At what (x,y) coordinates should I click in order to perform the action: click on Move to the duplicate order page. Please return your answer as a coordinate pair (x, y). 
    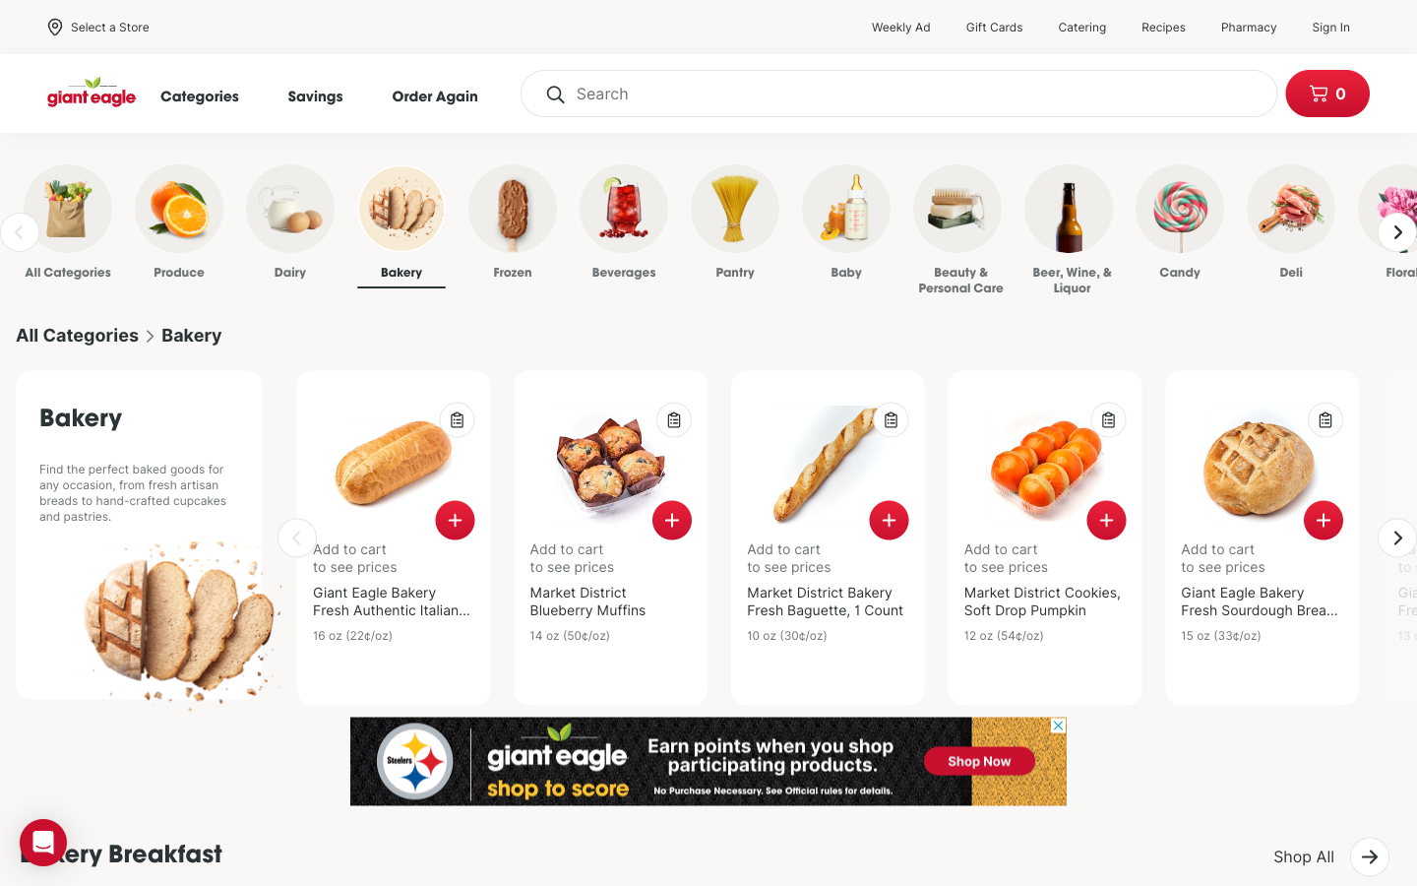
    Looking at the image, I should click on (445, 95).